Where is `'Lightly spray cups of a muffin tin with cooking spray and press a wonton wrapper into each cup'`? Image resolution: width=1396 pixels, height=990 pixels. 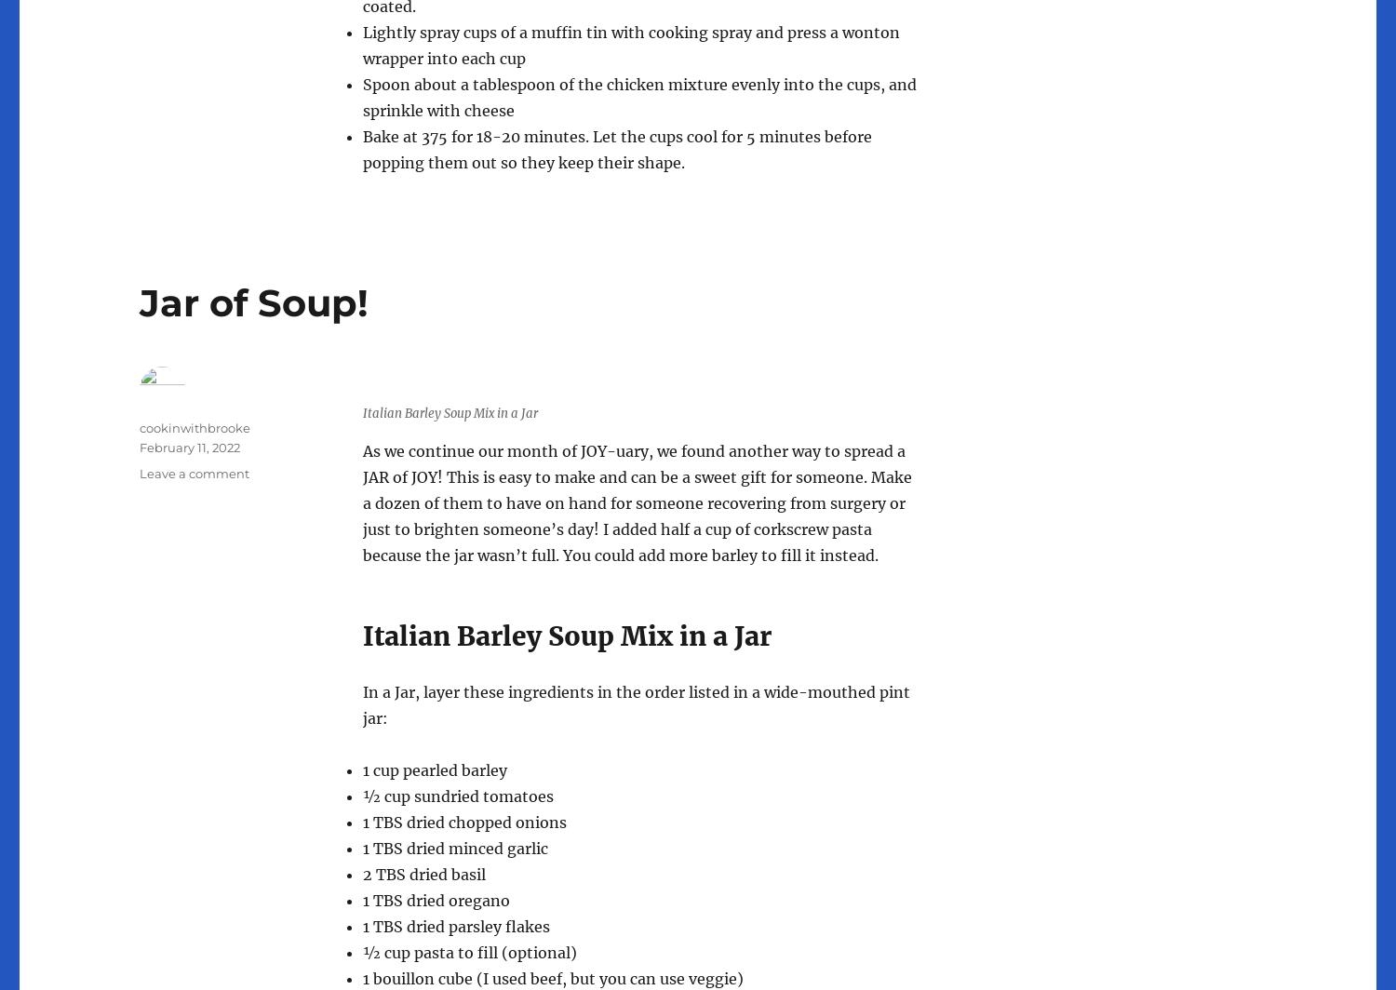
'Lightly spray cups of a muffin tin with cooking spray and press a wonton wrapper into each cup' is located at coordinates (631, 46).